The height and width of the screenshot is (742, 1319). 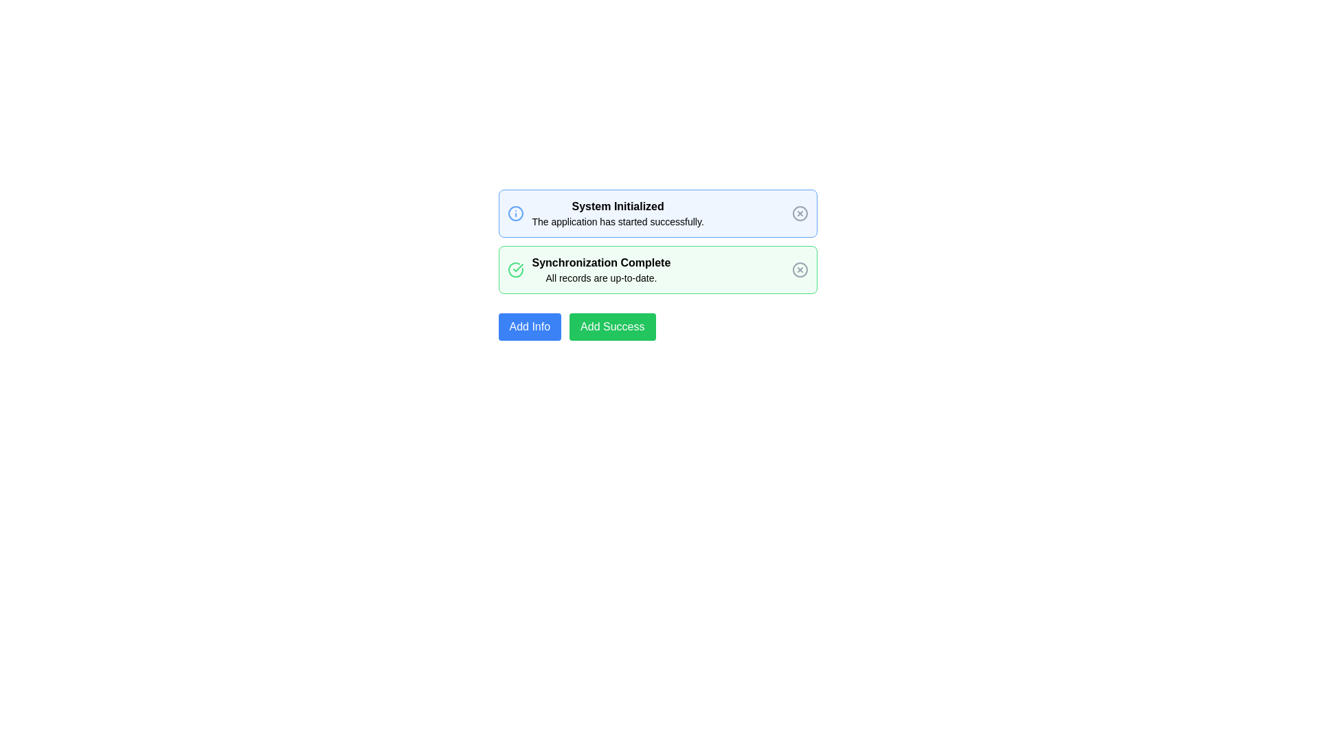 What do you see at coordinates (657, 214) in the screenshot?
I see `displayed text from the Notification card, which is the top card in a list of message cards, positioned directly above the 'Synchronization Complete' card` at bounding box center [657, 214].